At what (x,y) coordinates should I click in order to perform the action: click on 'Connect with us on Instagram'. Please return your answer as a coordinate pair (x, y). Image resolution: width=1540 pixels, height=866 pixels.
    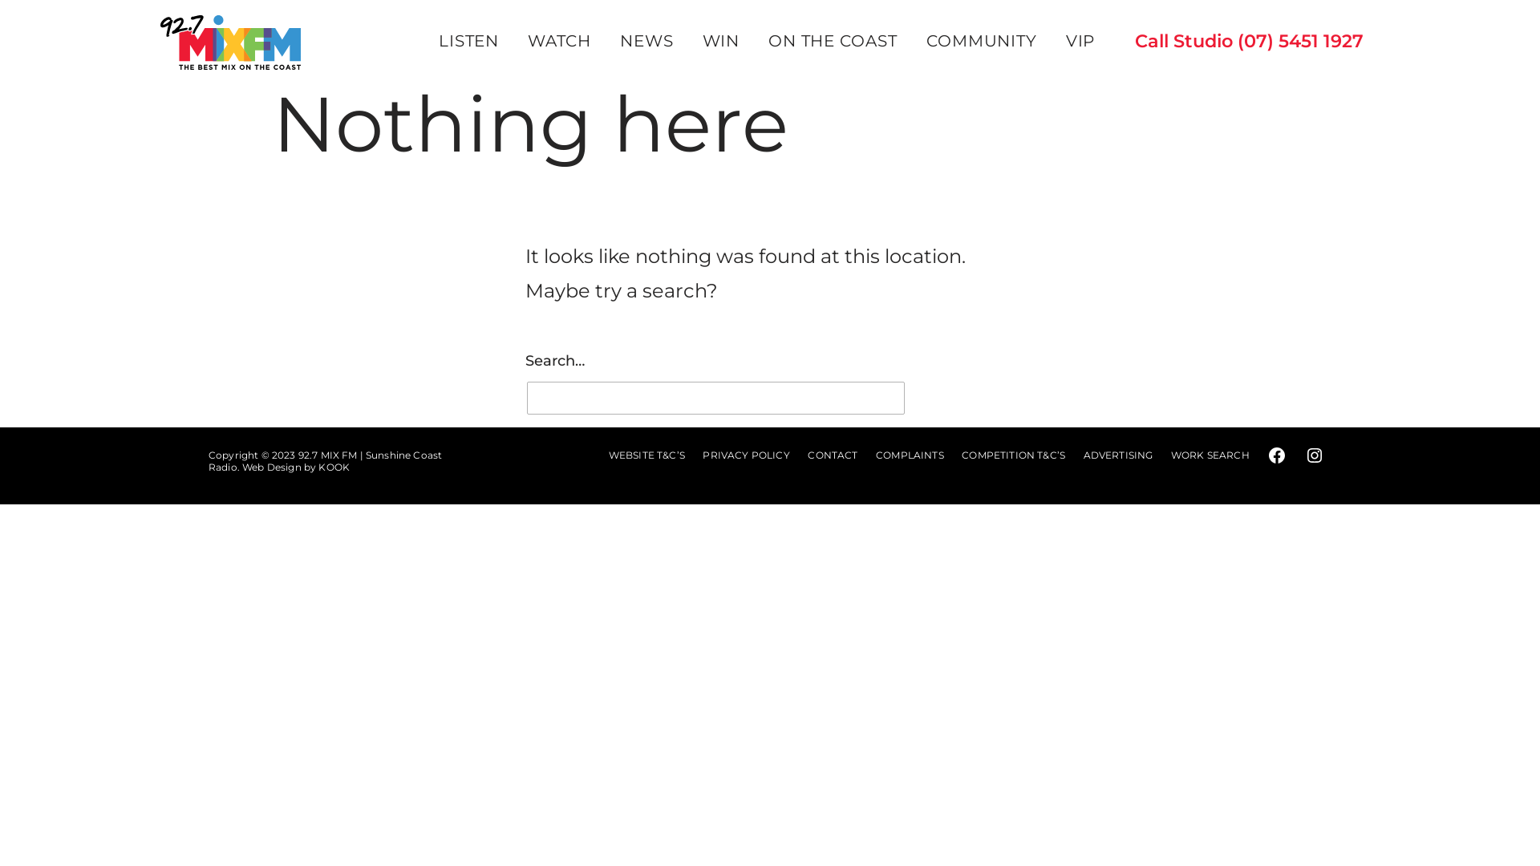
    Looking at the image, I should click on (1314, 455).